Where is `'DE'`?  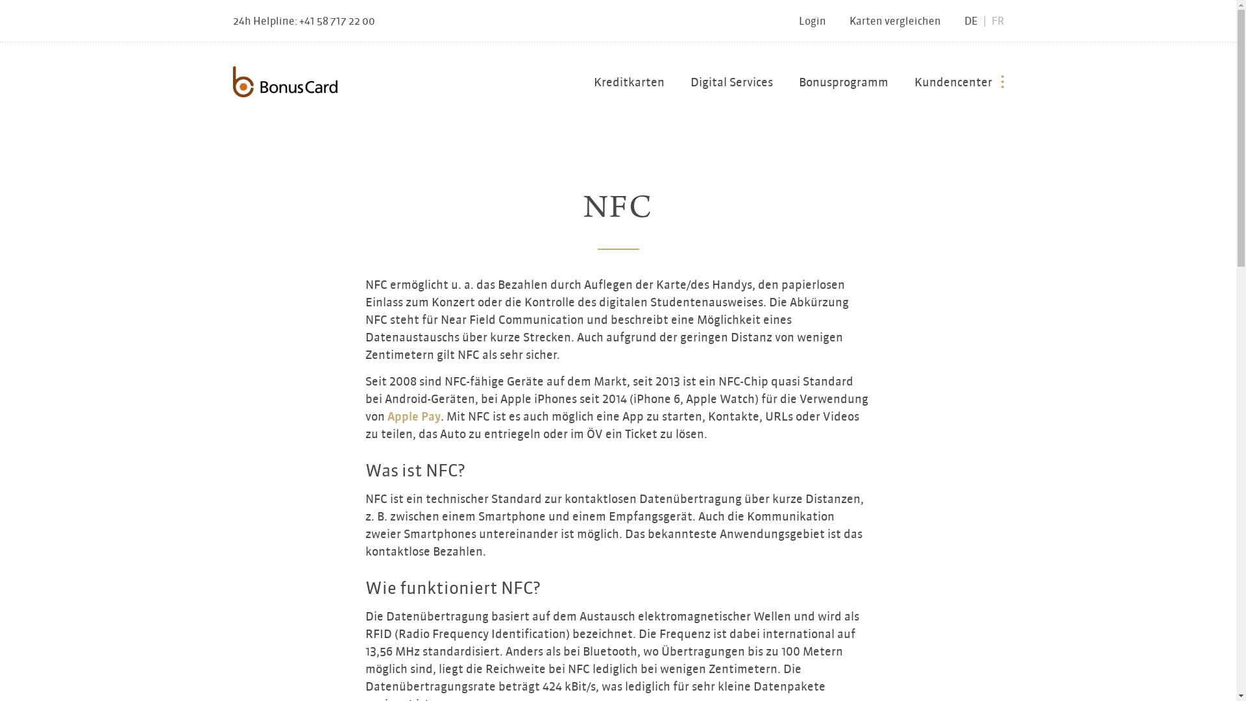
'DE' is located at coordinates (971, 21).